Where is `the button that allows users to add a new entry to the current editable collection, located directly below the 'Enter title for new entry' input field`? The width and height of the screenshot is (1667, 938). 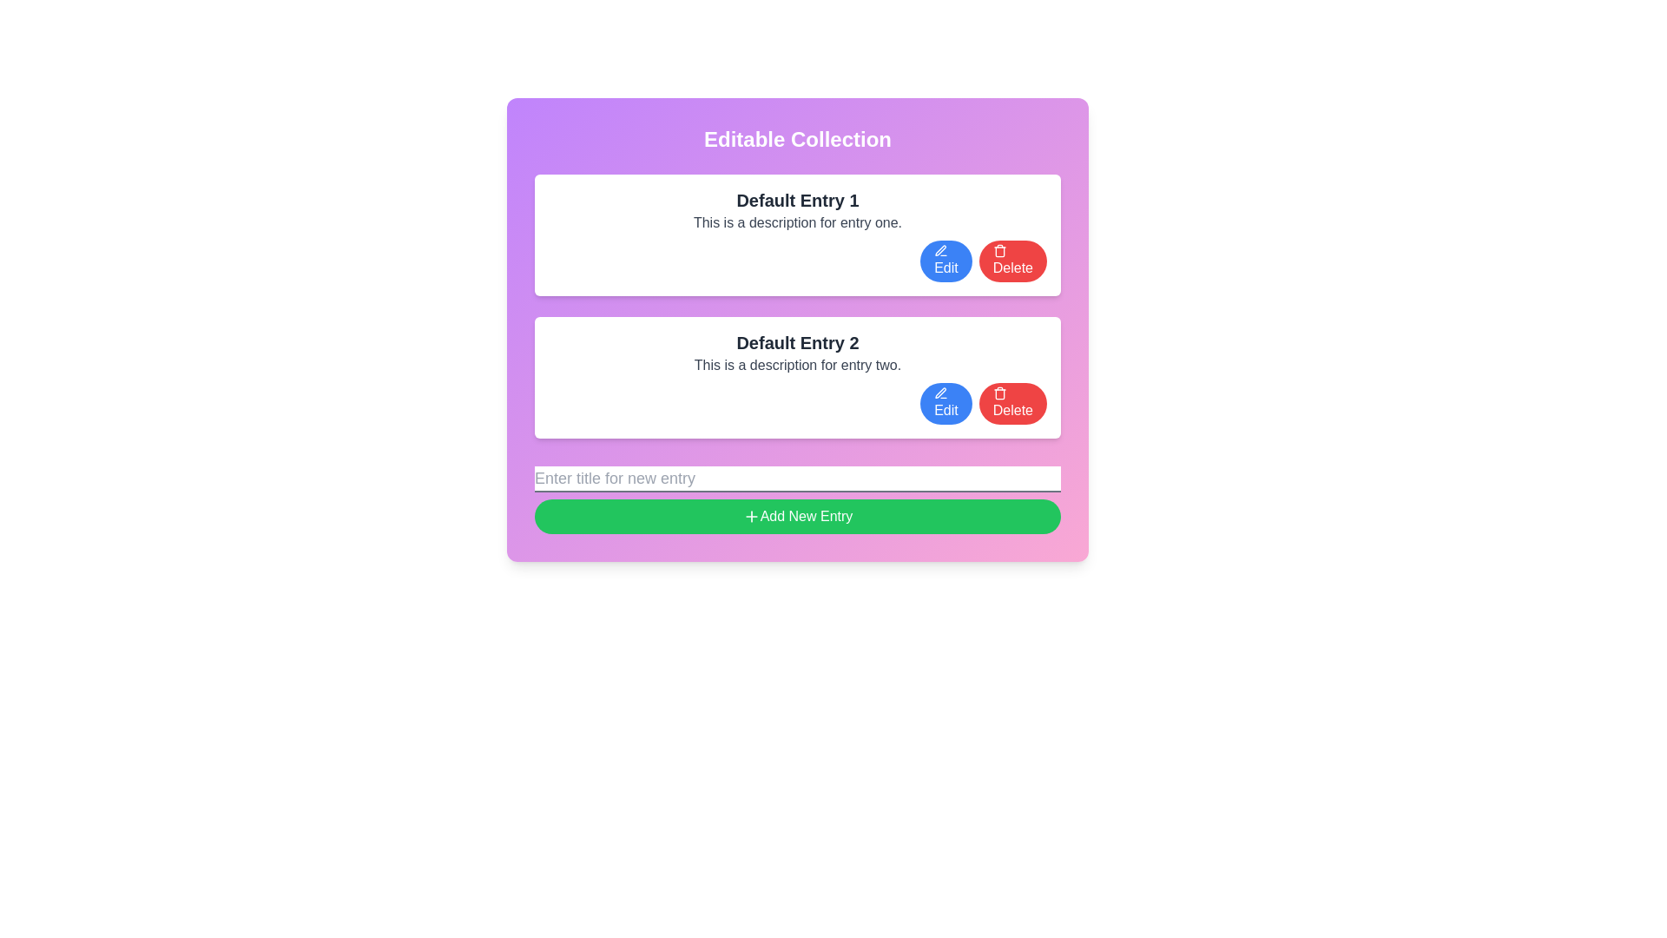
the button that allows users to add a new entry to the current editable collection, located directly below the 'Enter title for new entry' input field is located at coordinates (796, 515).